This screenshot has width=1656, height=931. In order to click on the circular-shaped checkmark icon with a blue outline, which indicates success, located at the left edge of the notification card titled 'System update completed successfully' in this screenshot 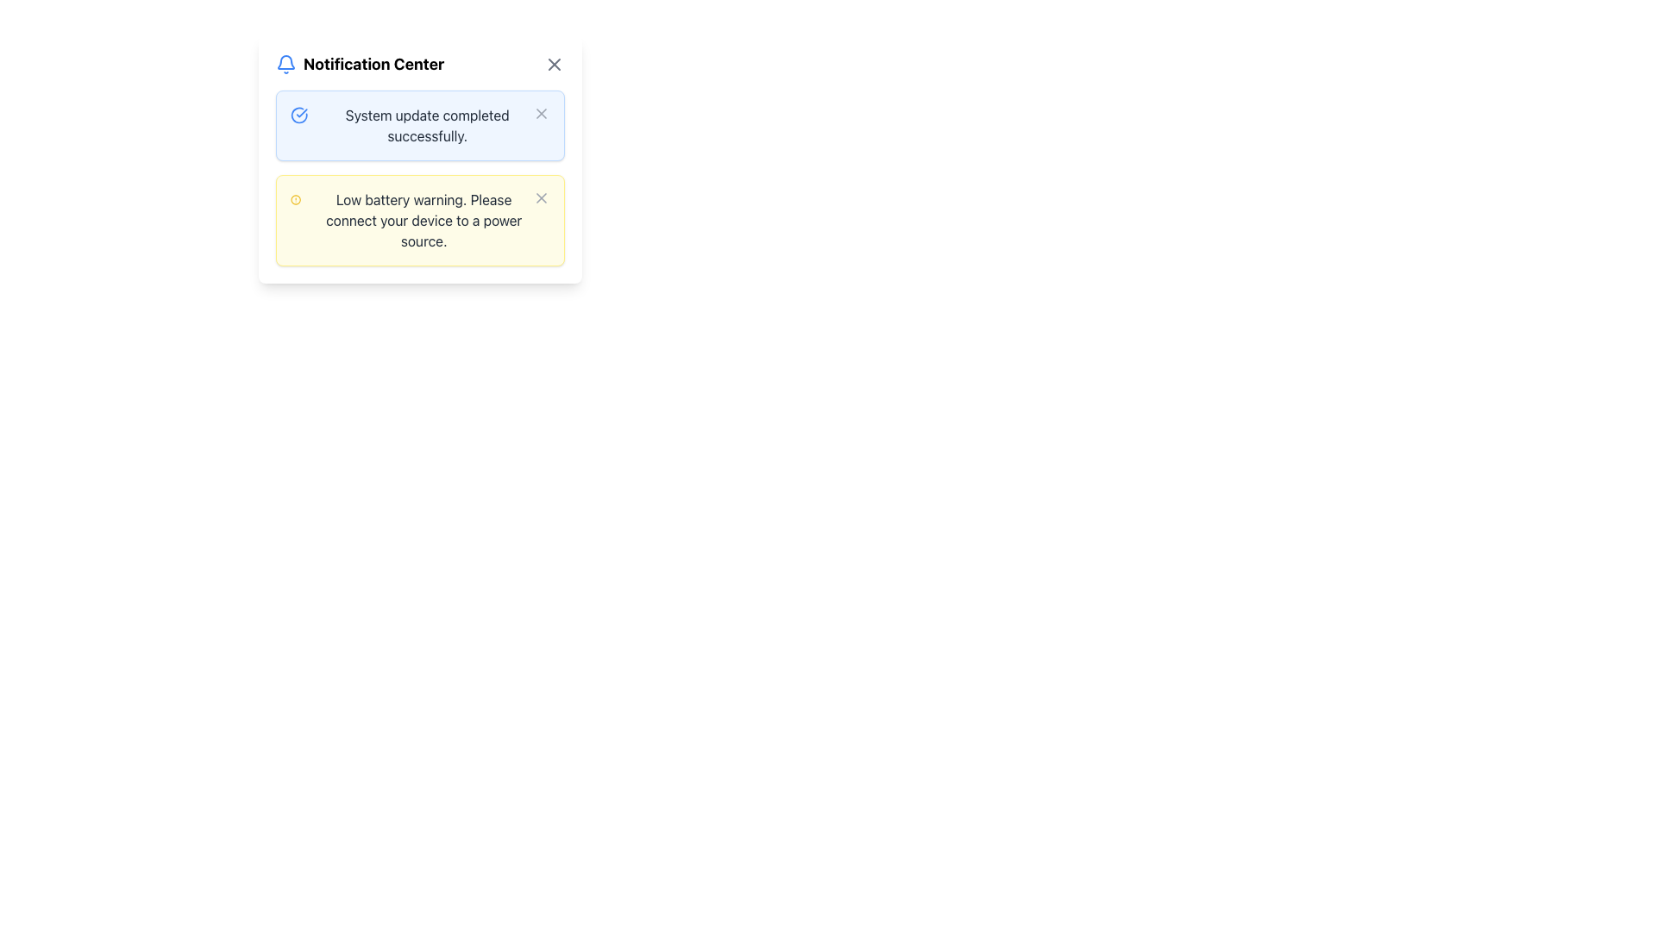, I will do `click(299, 116)`.